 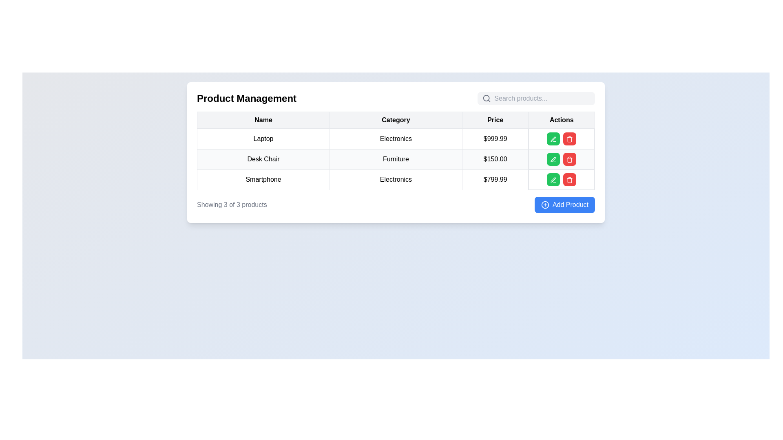 What do you see at coordinates (553, 138) in the screenshot?
I see `the green edit button with a pen icon located in the Actions column of the table for the 'Laptop' product entry` at bounding box center [553, 138].